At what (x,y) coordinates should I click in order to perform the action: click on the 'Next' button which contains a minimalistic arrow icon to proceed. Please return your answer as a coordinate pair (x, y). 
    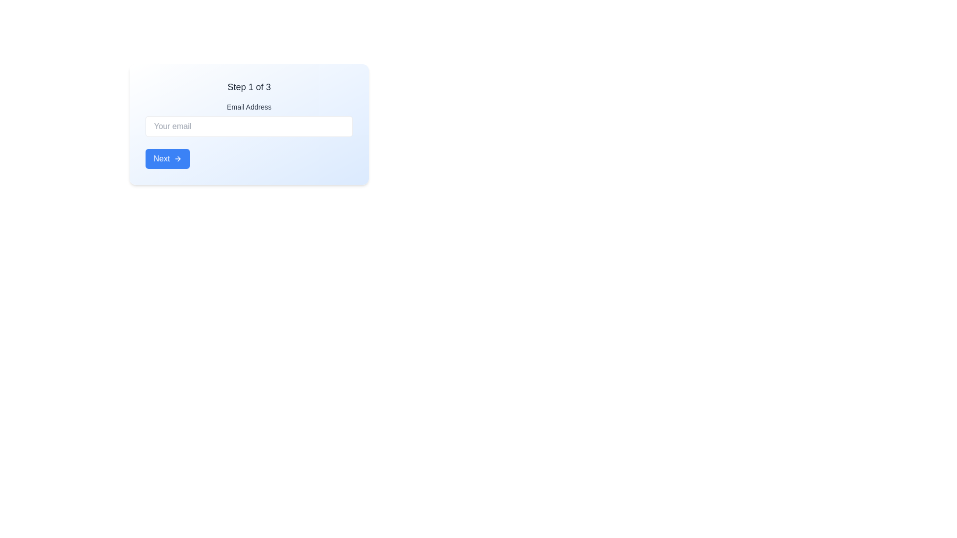
    Looking at the image, I should click on (179, 158).